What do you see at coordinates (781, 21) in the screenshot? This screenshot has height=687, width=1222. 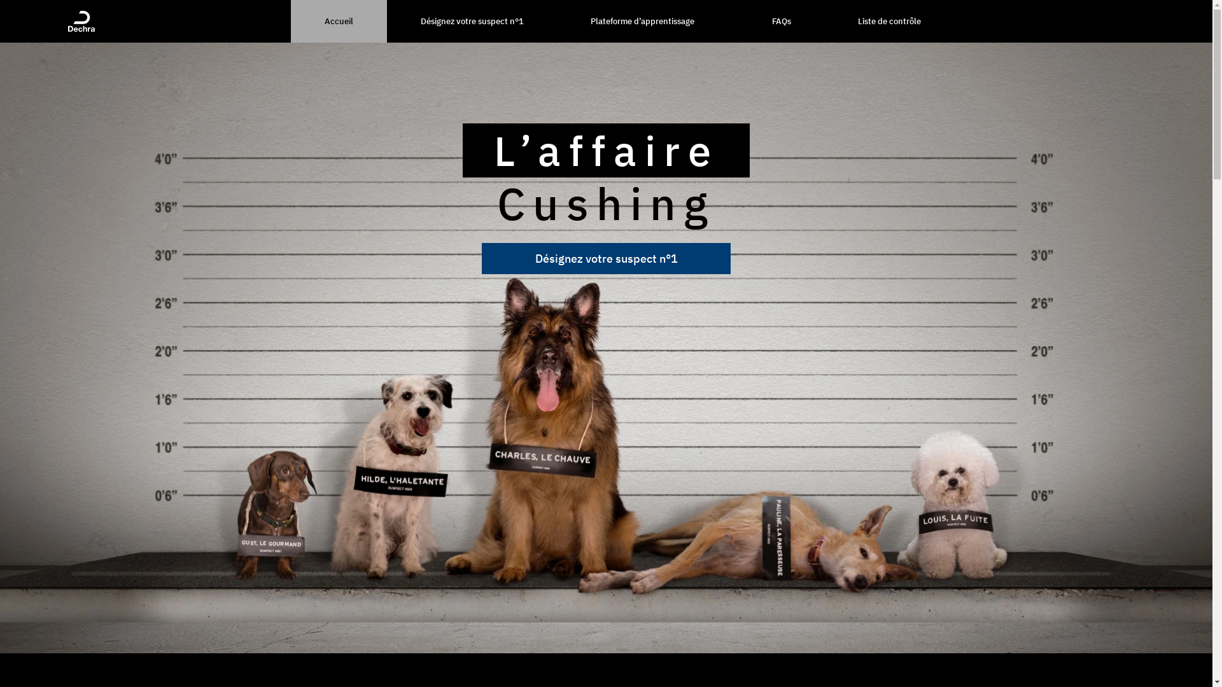 I see `'FAQs'` at bounding box center [781, 21].